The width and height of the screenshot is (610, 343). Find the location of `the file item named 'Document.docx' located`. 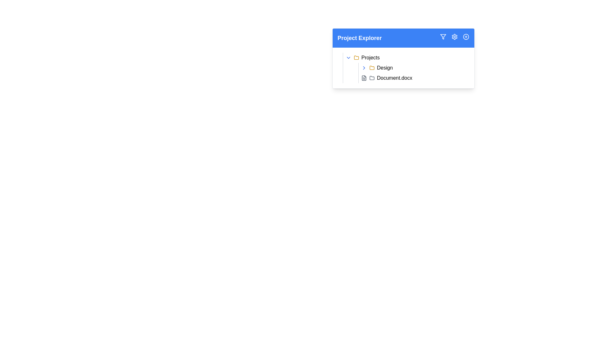

the file item named 'Document.docx' located is located at coordinates (413, 78).